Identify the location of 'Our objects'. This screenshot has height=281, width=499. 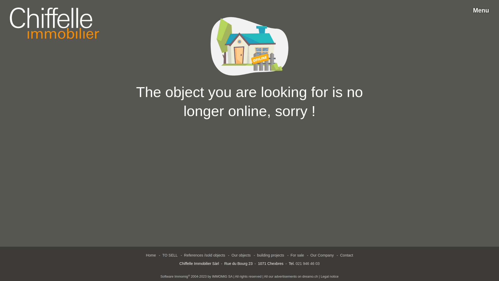
(241, 255).